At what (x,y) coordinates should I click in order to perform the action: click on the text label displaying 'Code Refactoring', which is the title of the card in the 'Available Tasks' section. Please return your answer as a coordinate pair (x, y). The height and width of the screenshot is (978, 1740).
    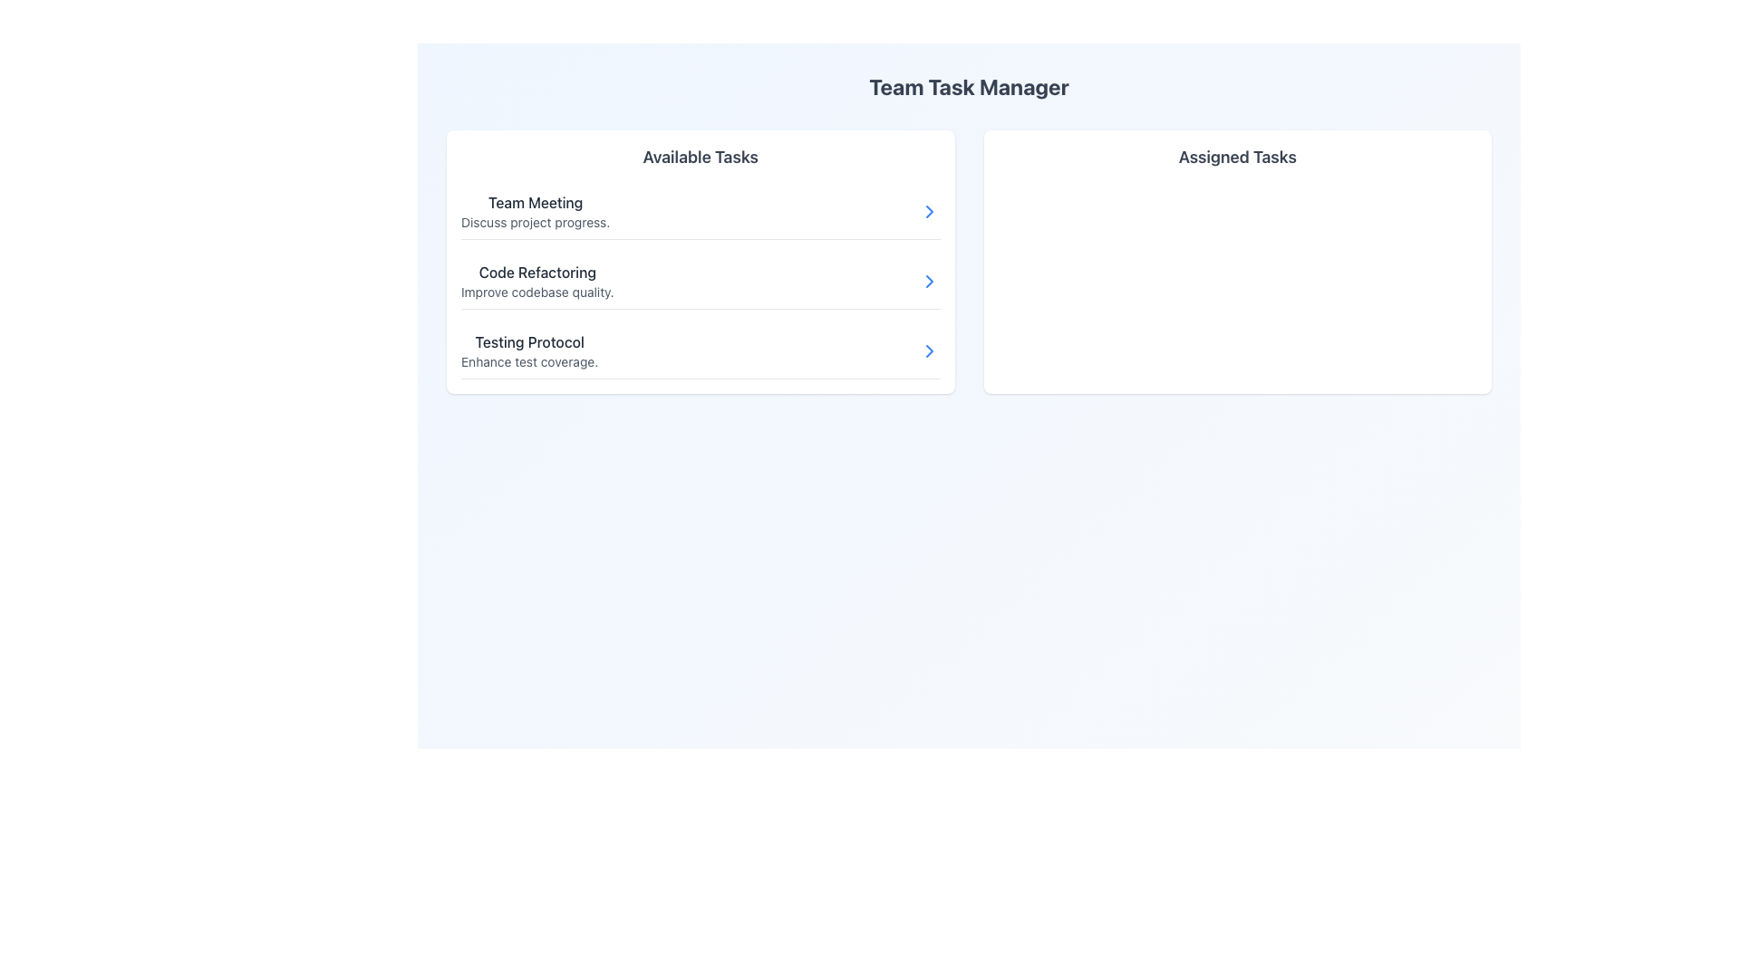
    Looking at the image, I should click on (536, 272).